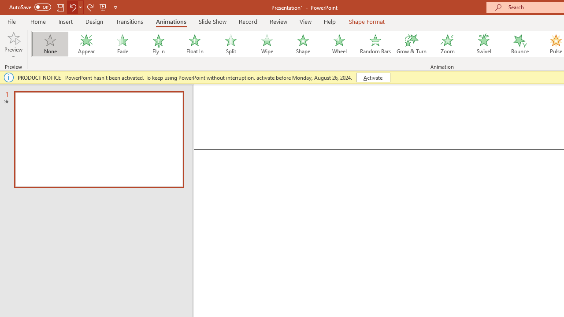 Image resolution: width=564 pixels, height=317 pixels. Describe the element at coordinates (49, 44) in the screenshot. I see `'None'` at that location.